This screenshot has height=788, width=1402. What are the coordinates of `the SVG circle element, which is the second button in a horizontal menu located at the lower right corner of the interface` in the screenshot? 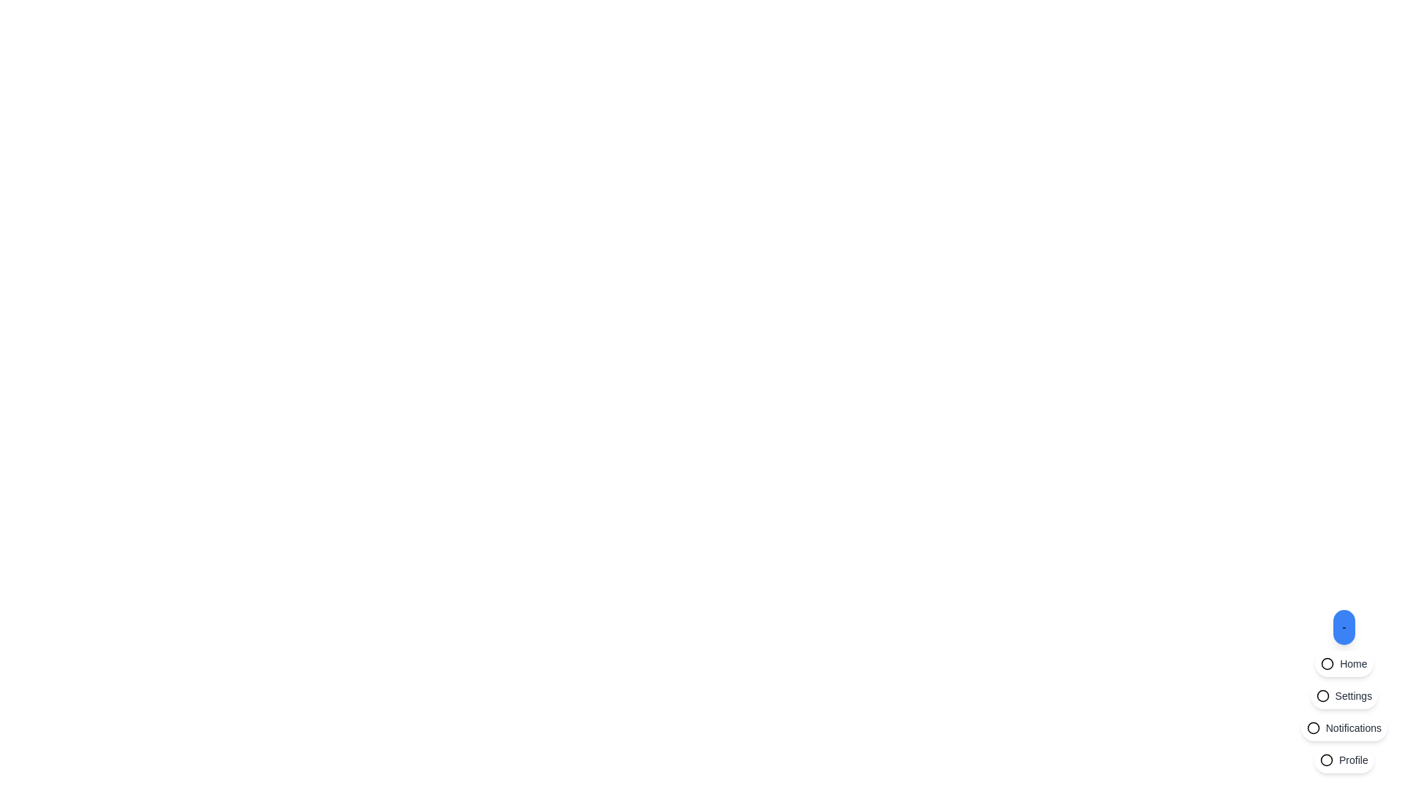 It's located at (1328, 664).